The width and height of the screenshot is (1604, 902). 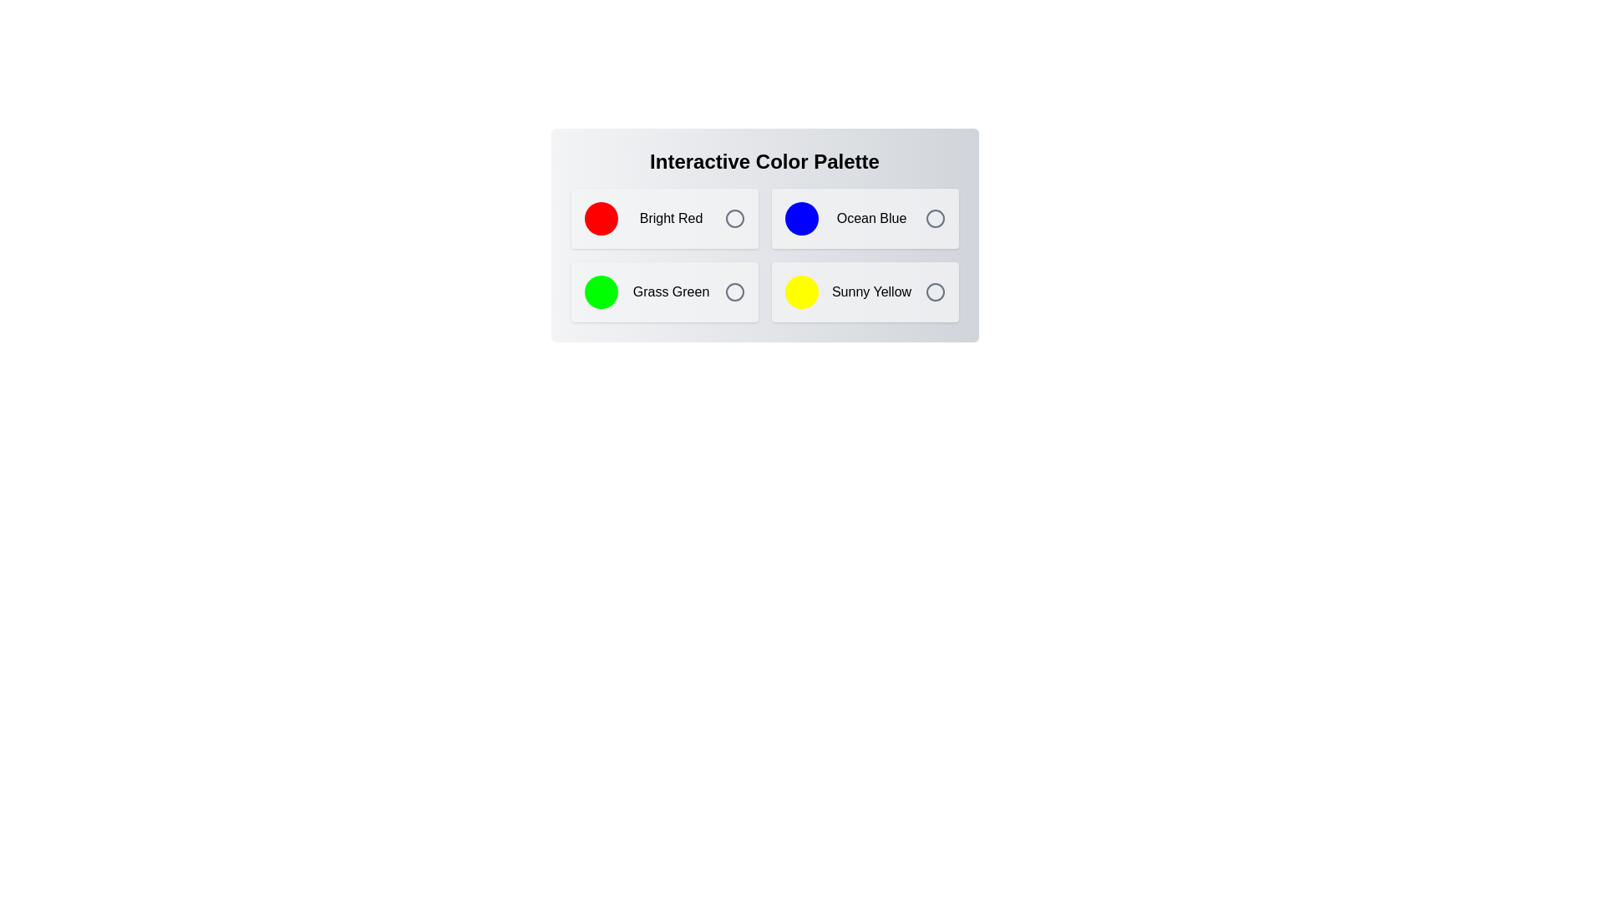 What do you see at coordinates (734, 218) in the screenshot?
I see `the color Bright Red by clicking its corresponding icon` at bounding box center [734, 218].